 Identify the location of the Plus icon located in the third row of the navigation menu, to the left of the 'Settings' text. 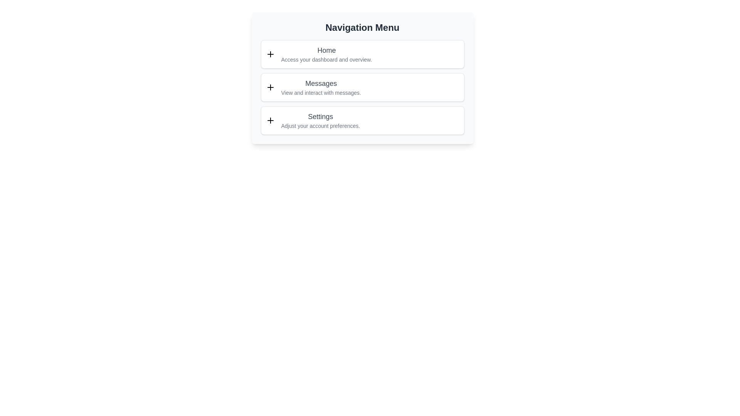
(270, 120).